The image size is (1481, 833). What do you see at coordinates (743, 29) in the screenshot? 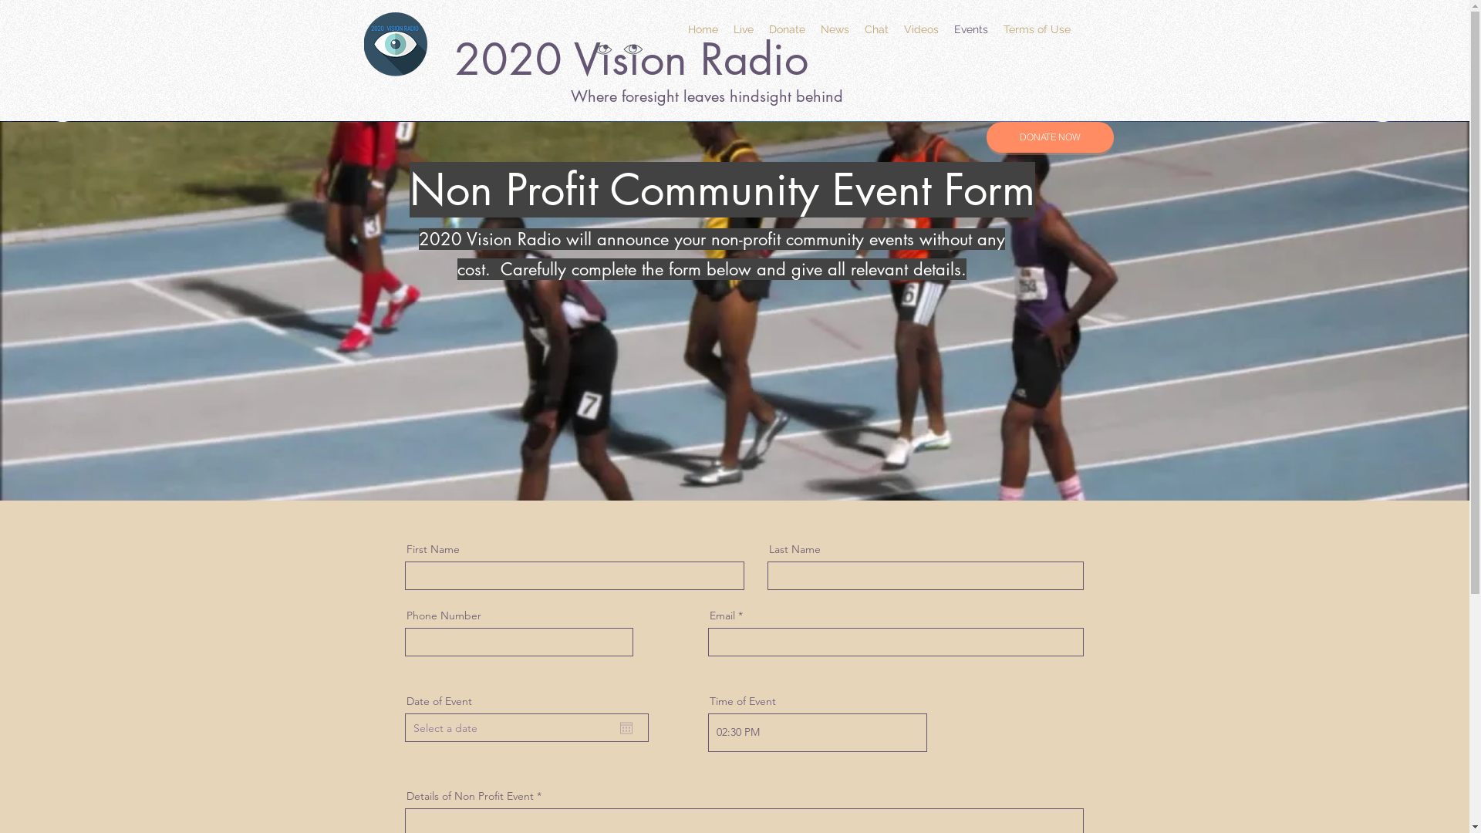
I see `'Live'` at bounding box center [743, 29].